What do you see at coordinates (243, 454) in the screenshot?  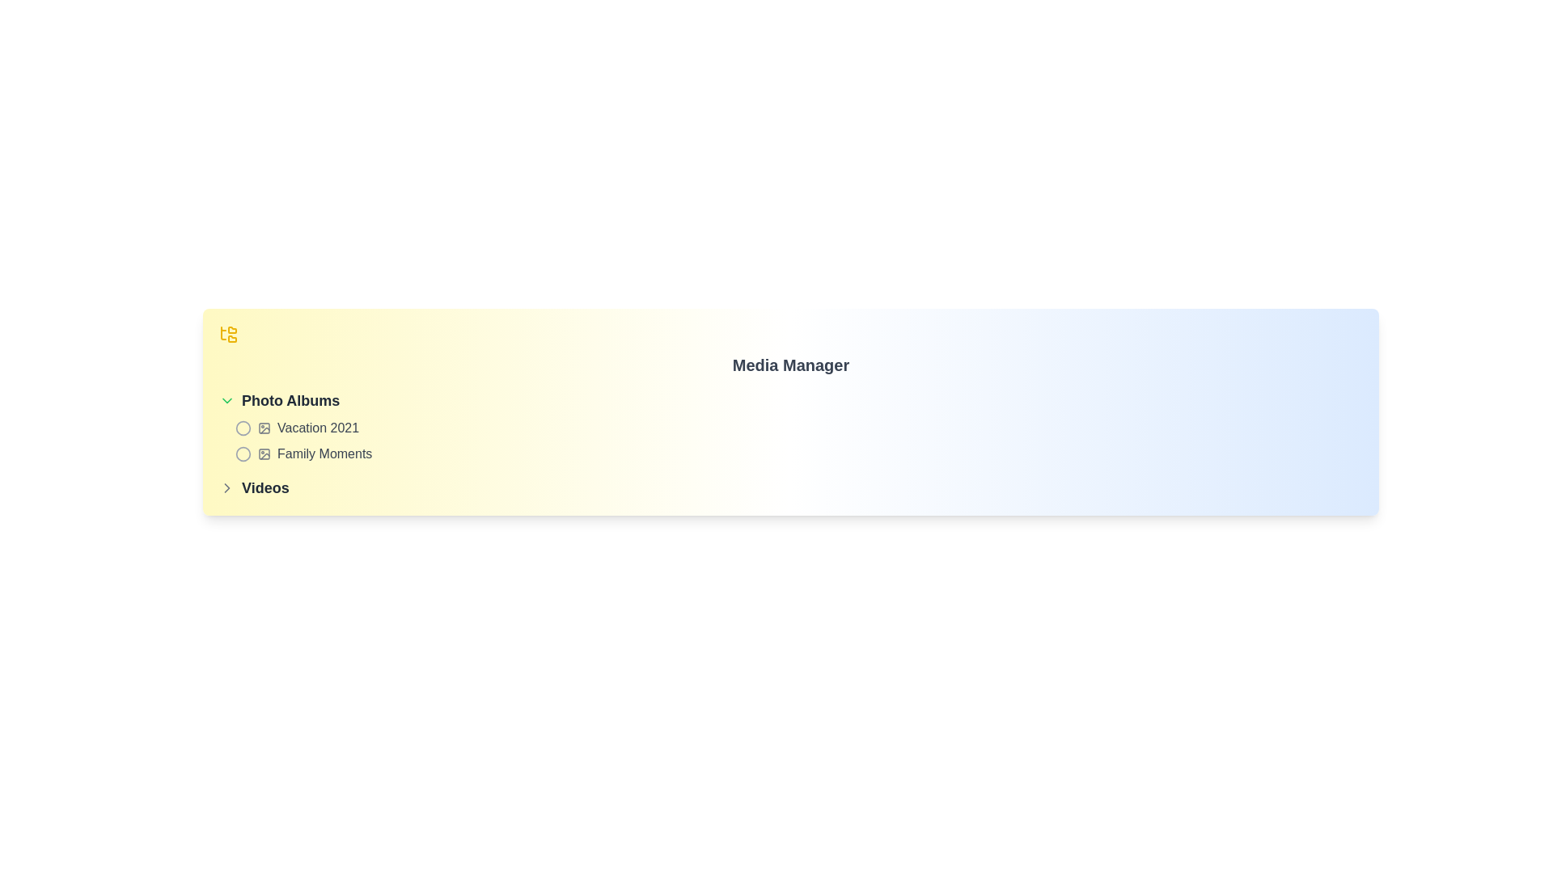 I see `the first radio button indicator associated with the 'Family Moments' option` at bounding box center [243, 454].